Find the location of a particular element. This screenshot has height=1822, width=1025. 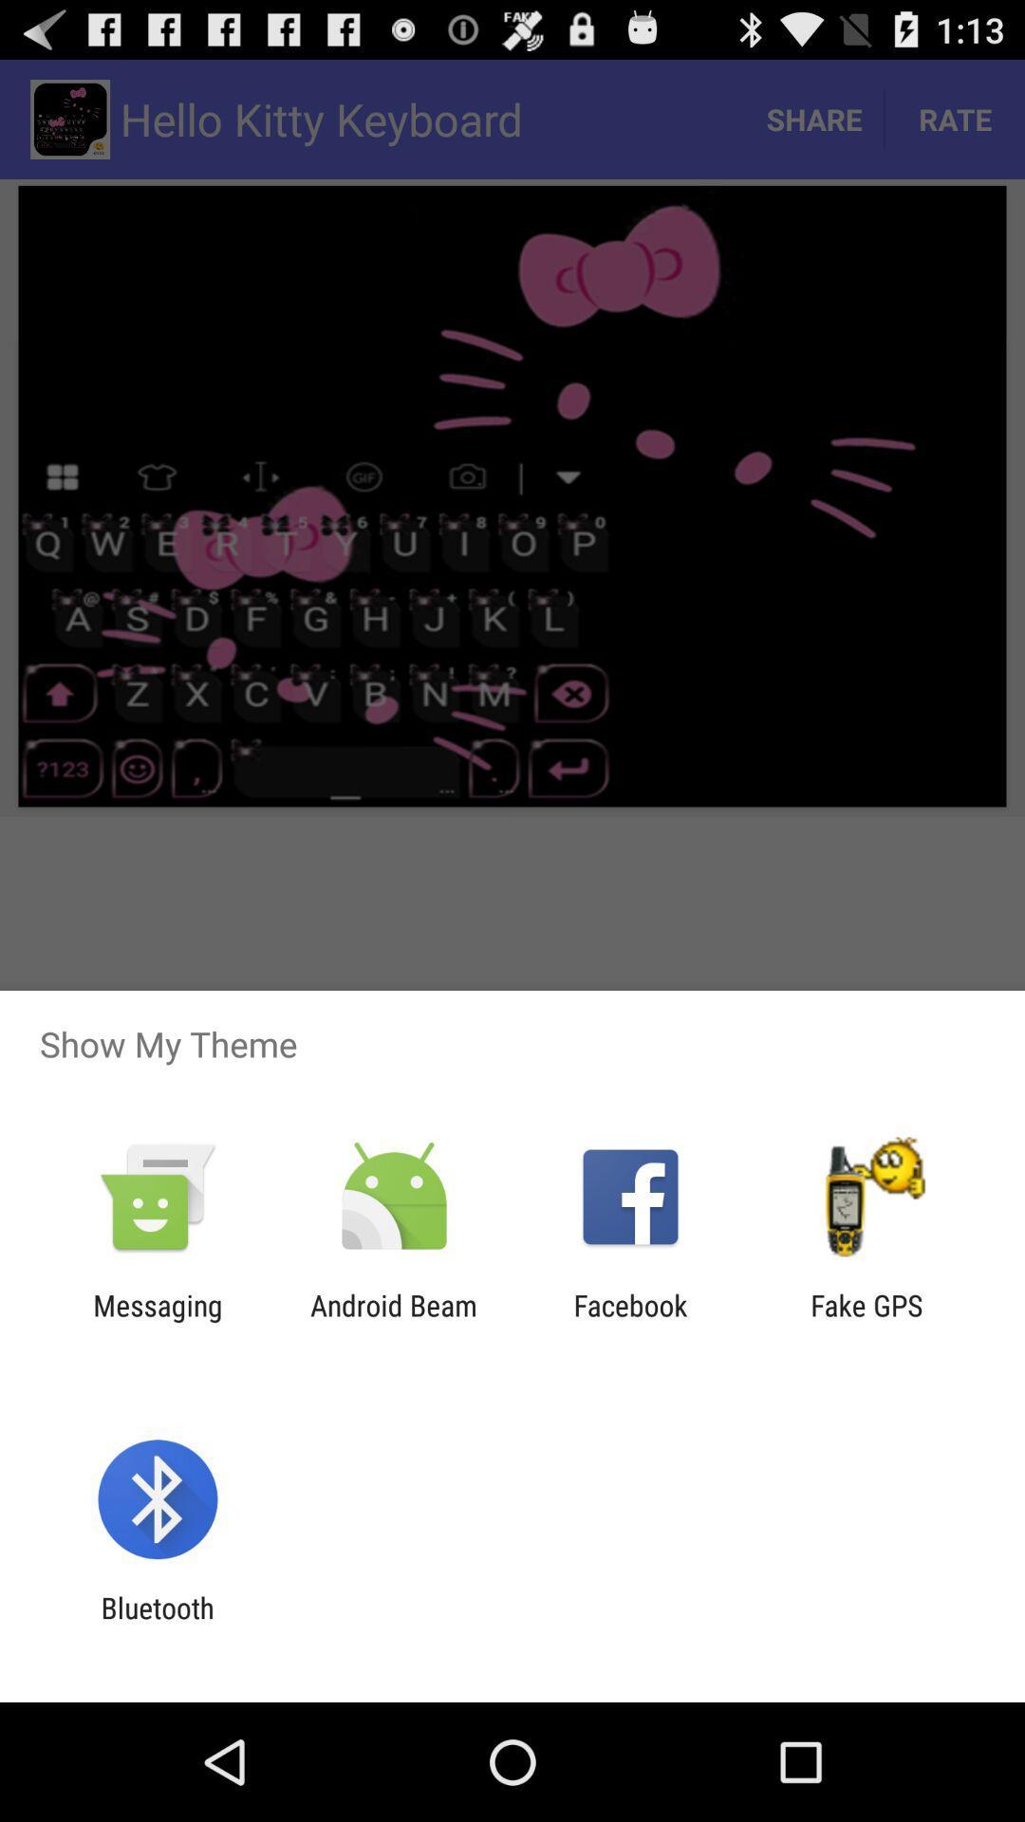

the icon to the left of the facebook app is located at coordinates (393, 1321).